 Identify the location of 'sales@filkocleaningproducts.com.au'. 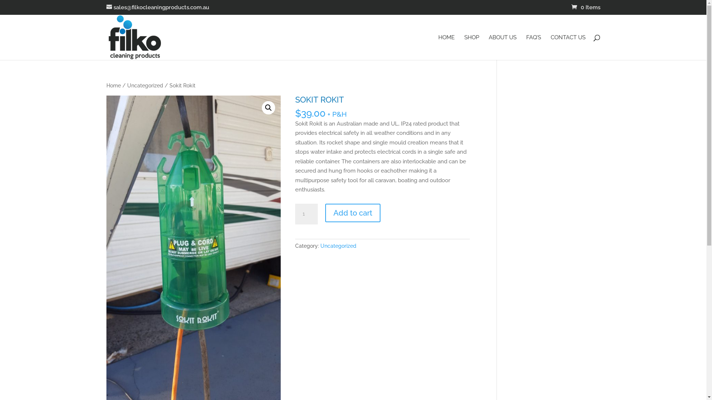
(157, 7).